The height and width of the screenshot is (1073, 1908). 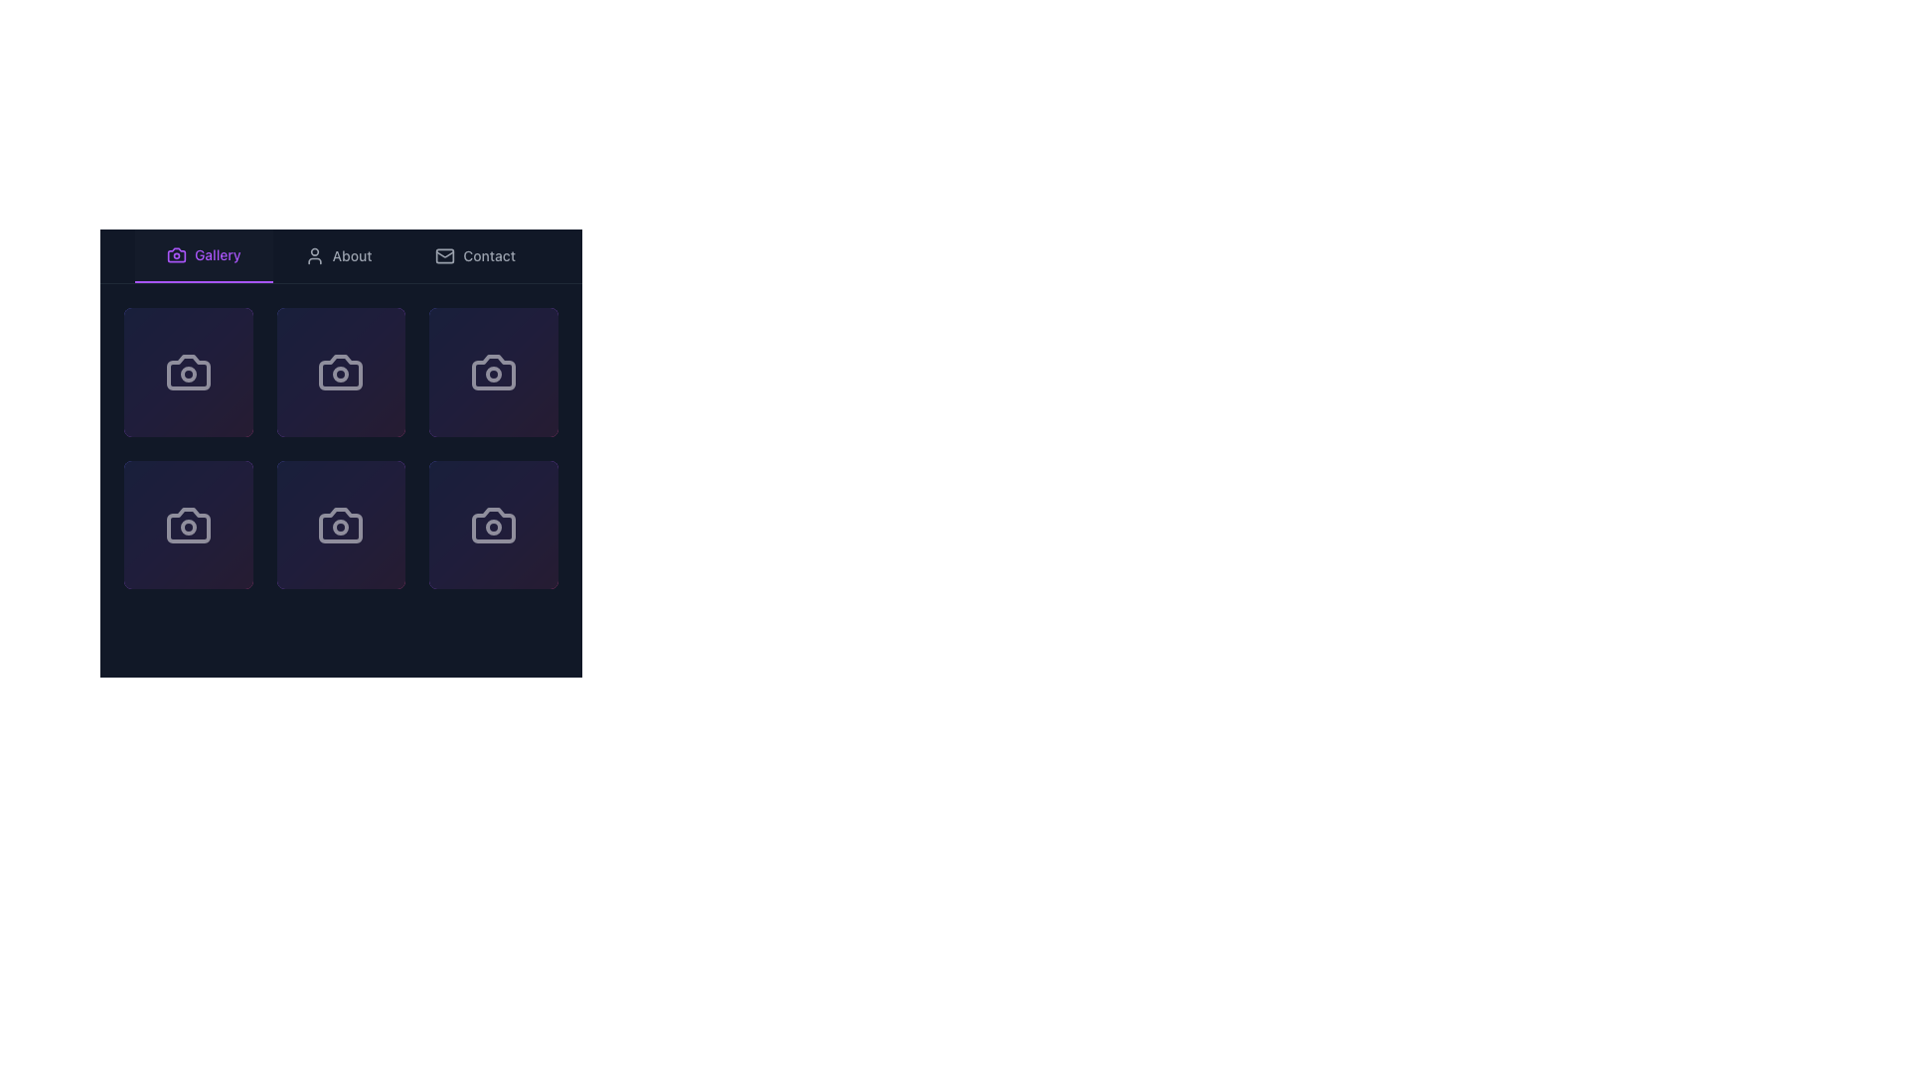 I want to click on the camera icon located in the header navigation bar, which is next to the text 'Gallery' that is highlighted with a purple underline, indicating it is the selected tab, so click(x=177, y=254).